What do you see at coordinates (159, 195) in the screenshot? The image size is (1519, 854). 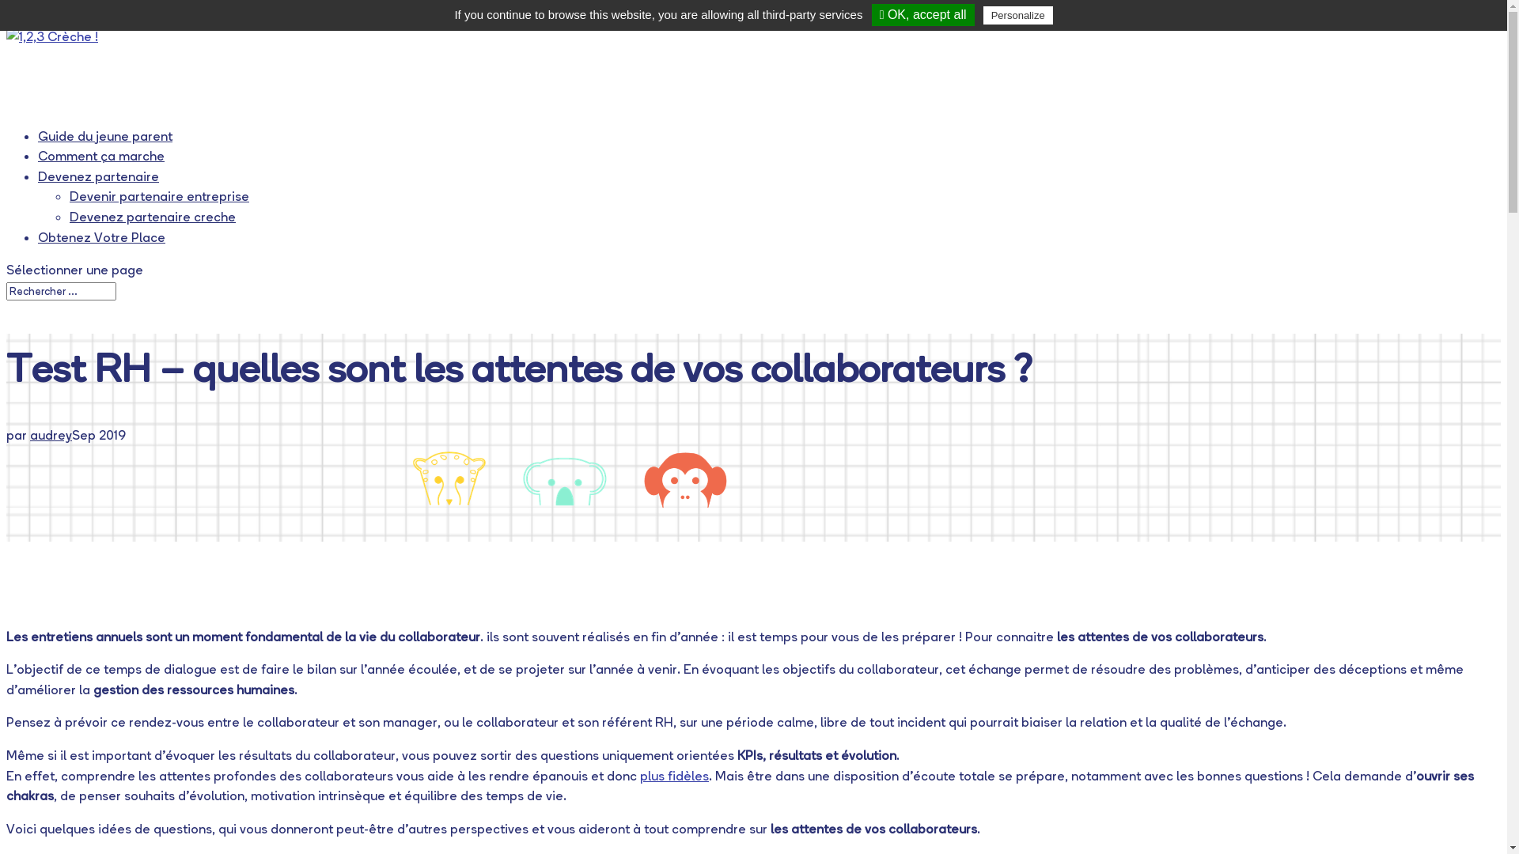 I see `'Devenir partenaire entreprise'` at bounding box center [159, 195].